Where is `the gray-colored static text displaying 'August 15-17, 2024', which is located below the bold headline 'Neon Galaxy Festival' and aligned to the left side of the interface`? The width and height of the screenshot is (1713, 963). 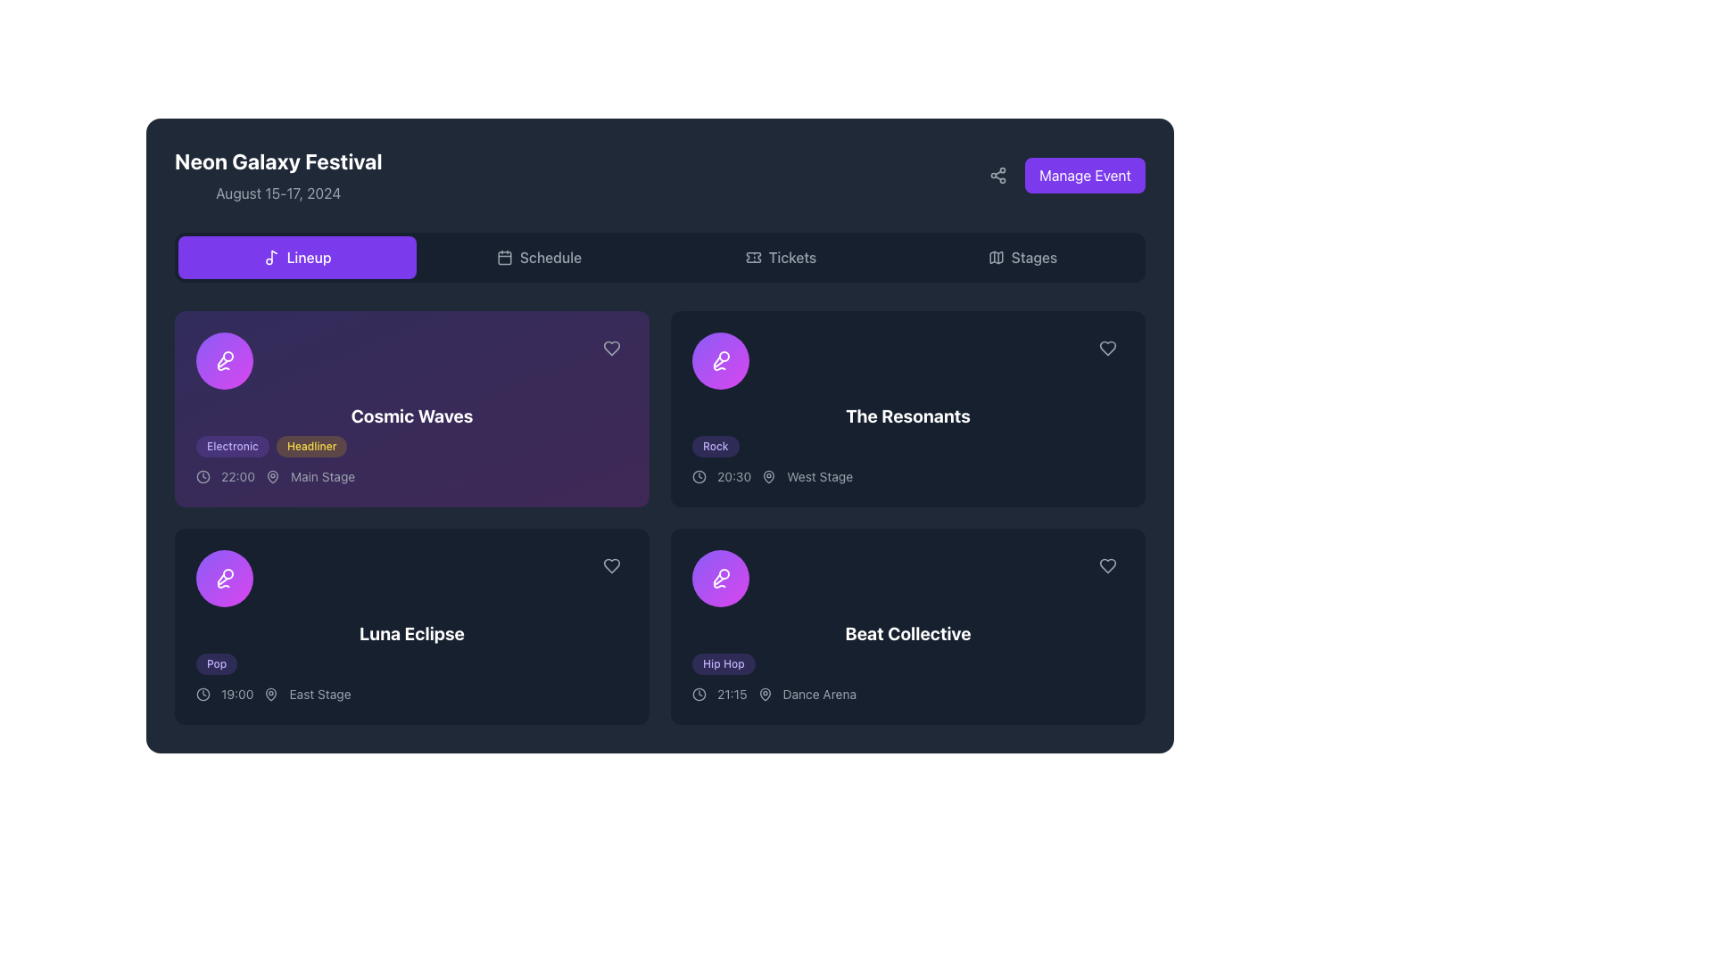
the gray-colored static text displaying 'August 15-17, 2024', which is located below the bold headline 'Neon Galaxy Festival' and aligned to the left side of the interface is located at coordinates (277, 193).